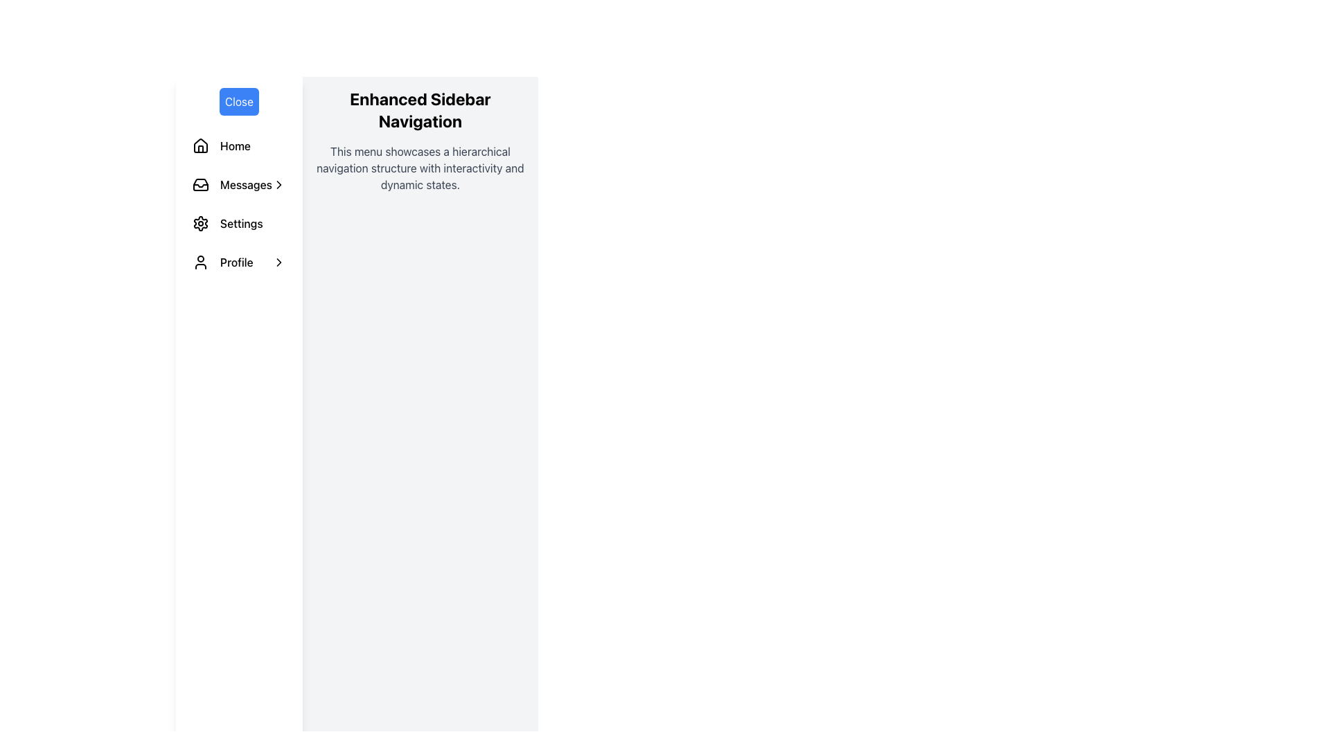 This screenshot has height=748, width=1330. What do you see at coordinates (419, 109) in the screenshot?
I see `the bold, large heading text labeled 'Enhanced Sidebar Navigation' which is positioned at the top of the content section next to the sidebar` at bounding box center [419, 109].